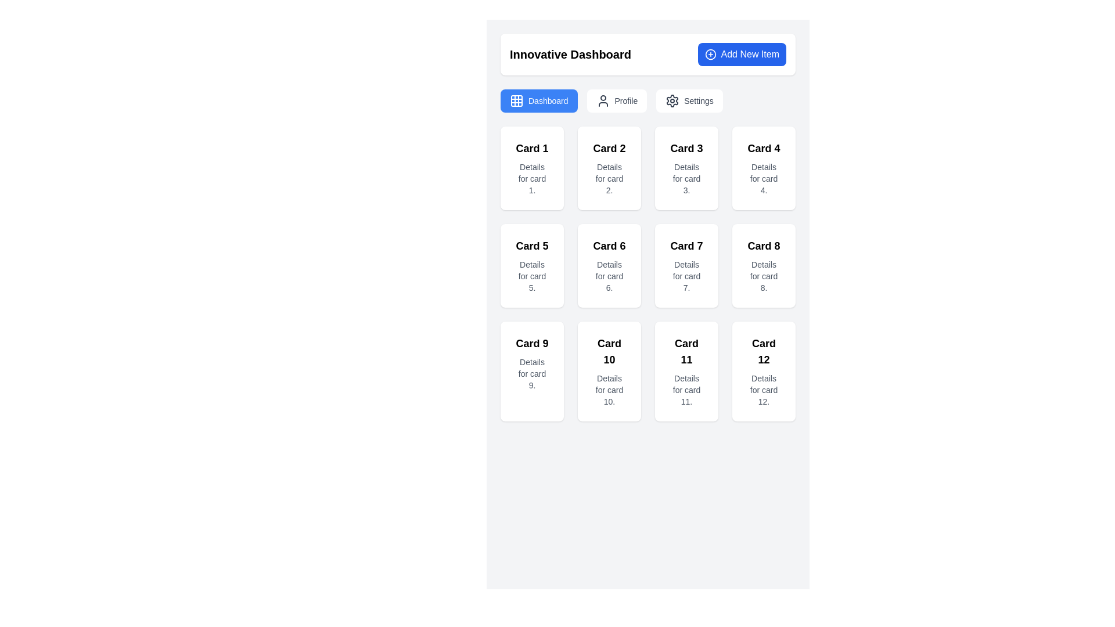 The image size is (1115, 627). I want to click on the blue icon with a circular border containing a plus sign inside it, located within the blue 'Add New Item' button at the top-right corner of the page, so click(710, 54).